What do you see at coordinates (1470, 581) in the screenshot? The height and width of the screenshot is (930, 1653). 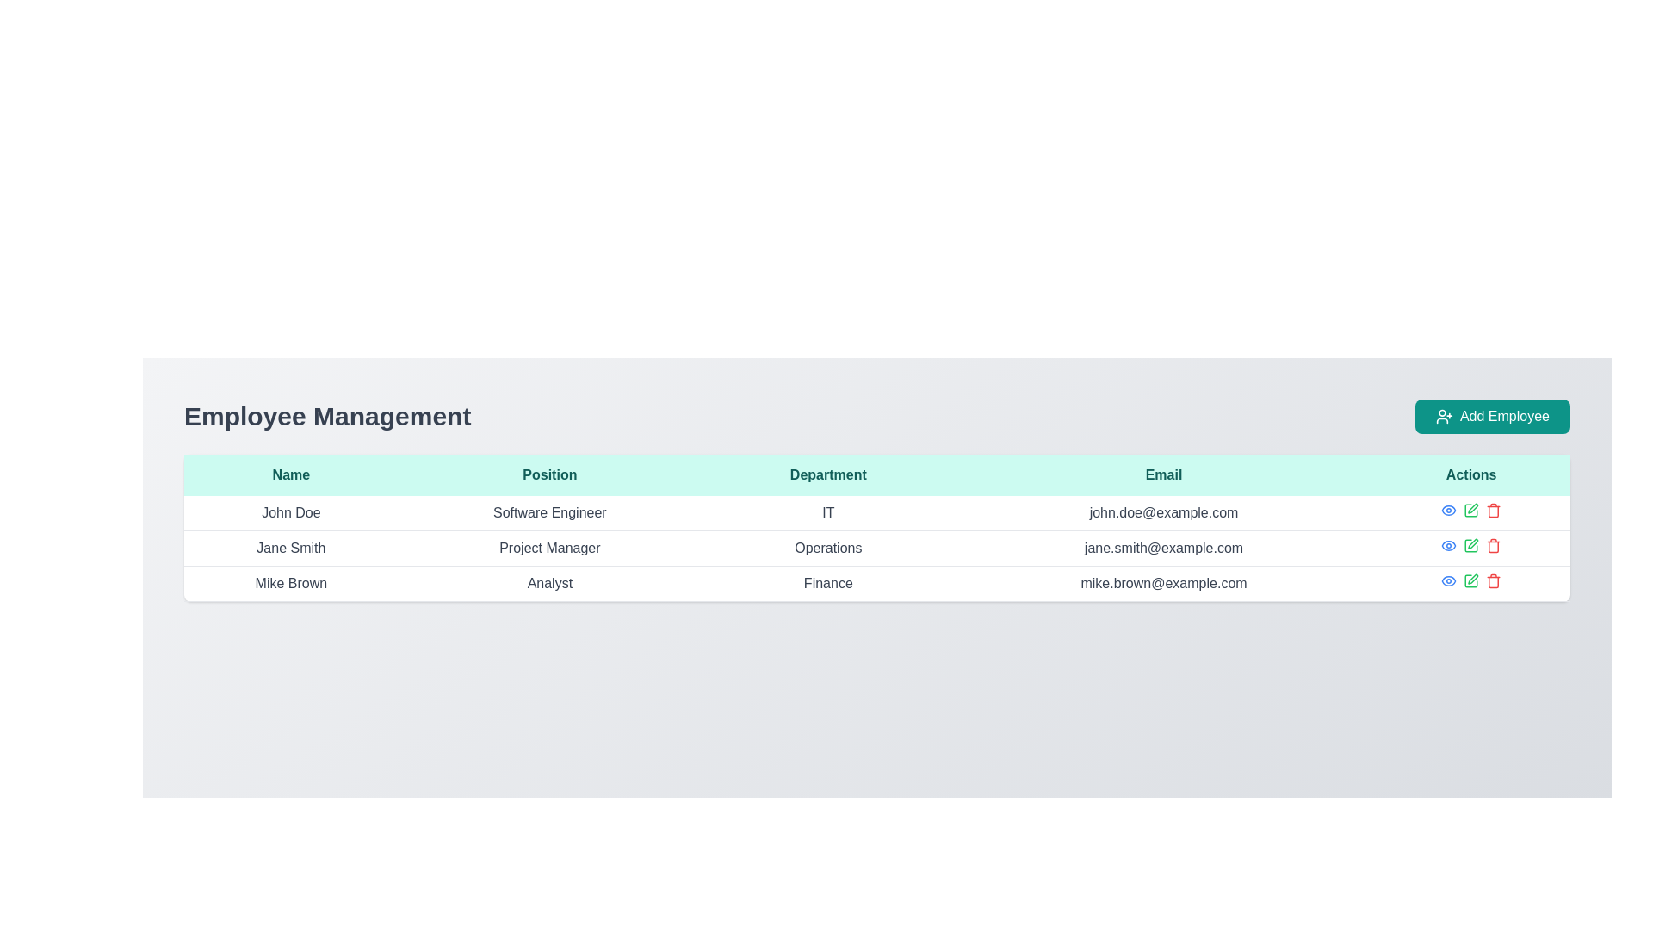 I see `the line icon representation of a square with a diagonal pen located in the last row of the table under the 'Actions' column` at bounding box center [1470, 581].